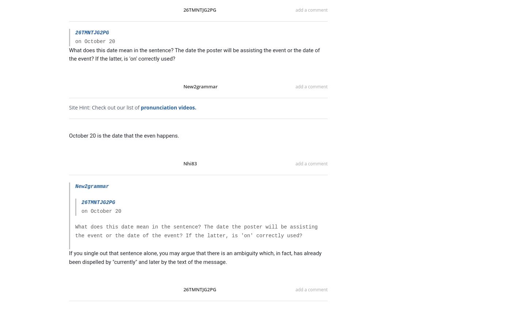  What do you see at coordinates (168, 107) in the screenshot?
I see `'pronunciation videos.'` at bounding box center [168, 107].